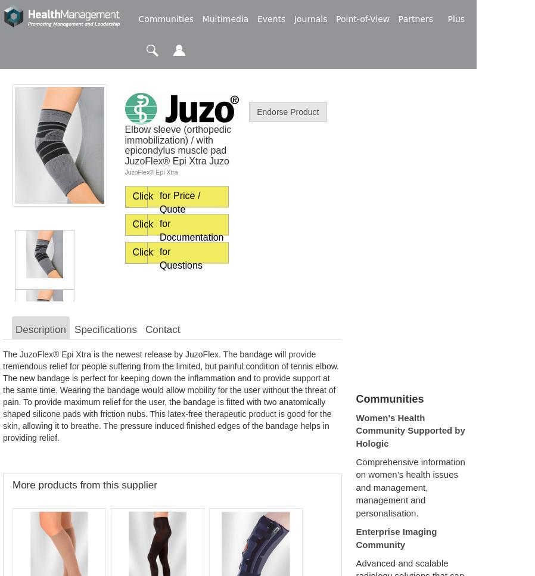 This screenshot has height=576, width=535. Describe the element at coordinates (179, 201) in the screenshot. I see `'for Price / Quote'` at that location.